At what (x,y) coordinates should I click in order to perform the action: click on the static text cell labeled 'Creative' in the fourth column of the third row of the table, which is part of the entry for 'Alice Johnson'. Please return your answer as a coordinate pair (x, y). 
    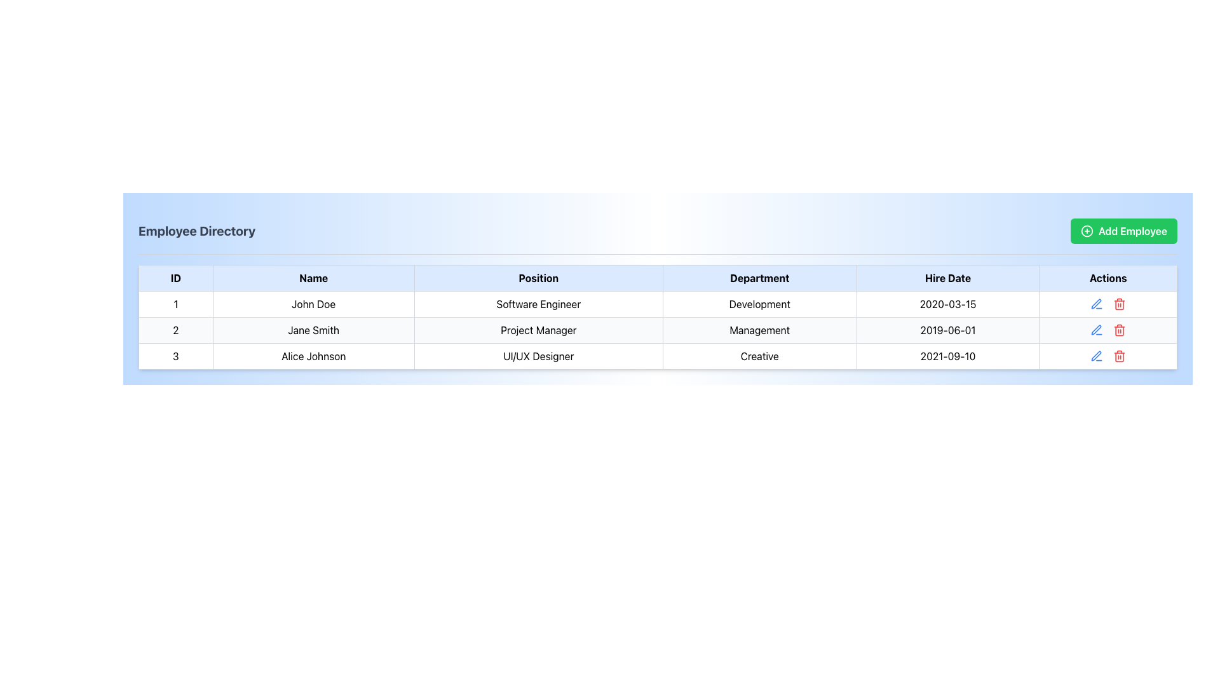
    Looking at the image, I should click on (759, 356).